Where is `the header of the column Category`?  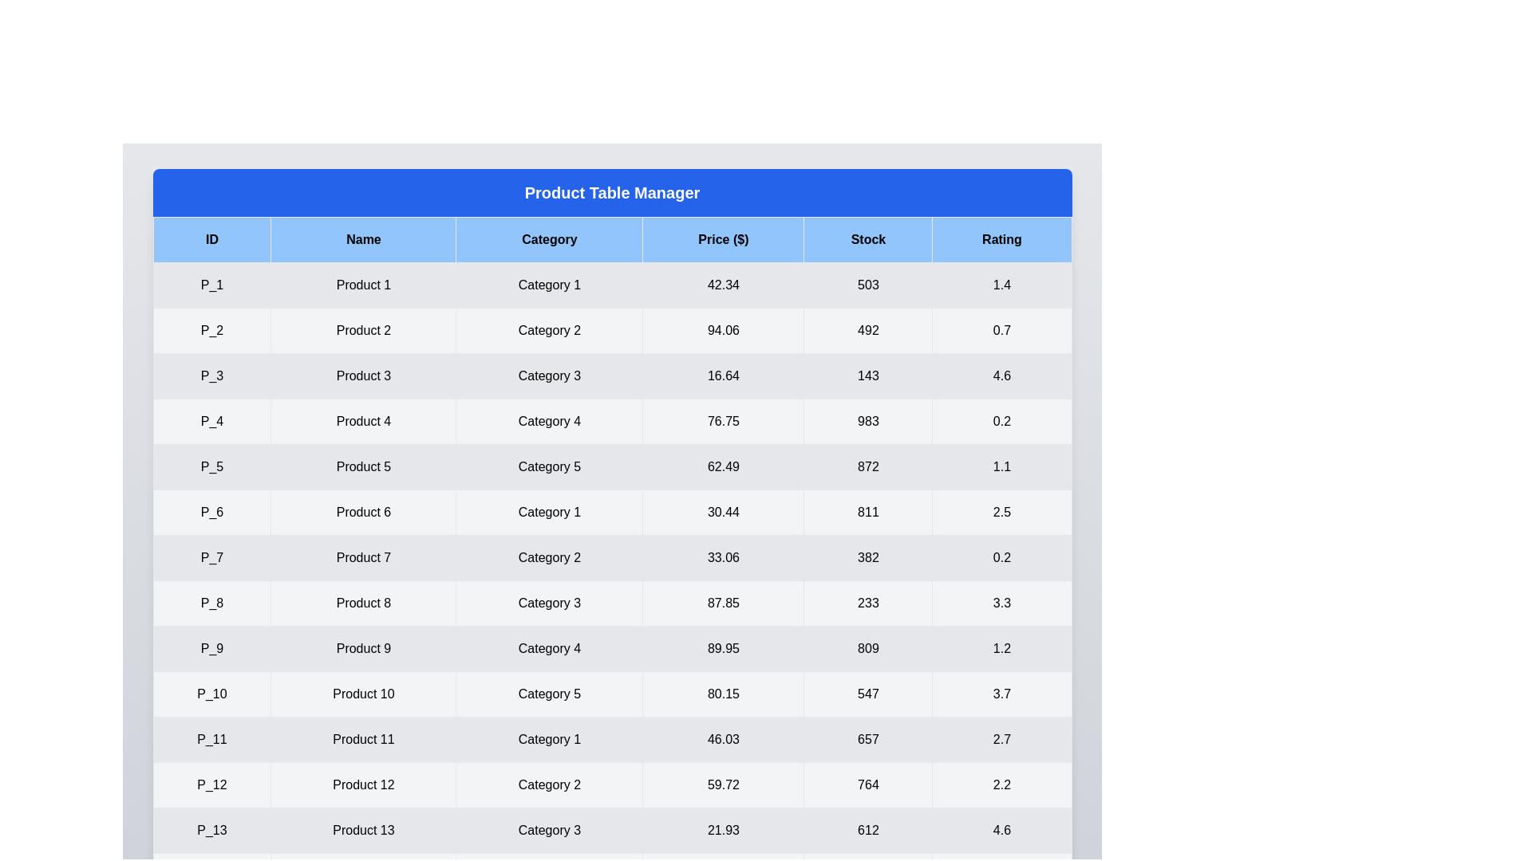
the header of the column Category is located at coordinates (549, 239).